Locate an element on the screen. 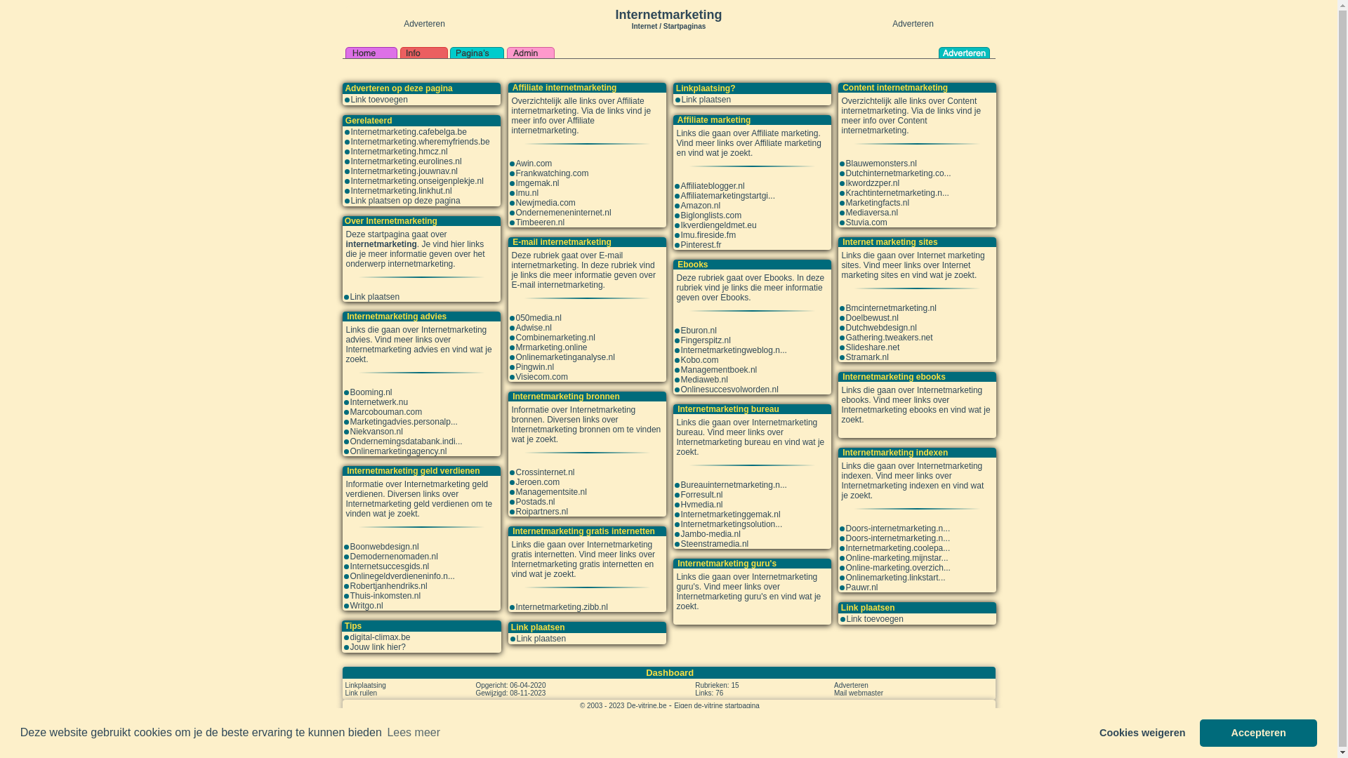  'Stramark.nl' is located at coordinates (866, 357).